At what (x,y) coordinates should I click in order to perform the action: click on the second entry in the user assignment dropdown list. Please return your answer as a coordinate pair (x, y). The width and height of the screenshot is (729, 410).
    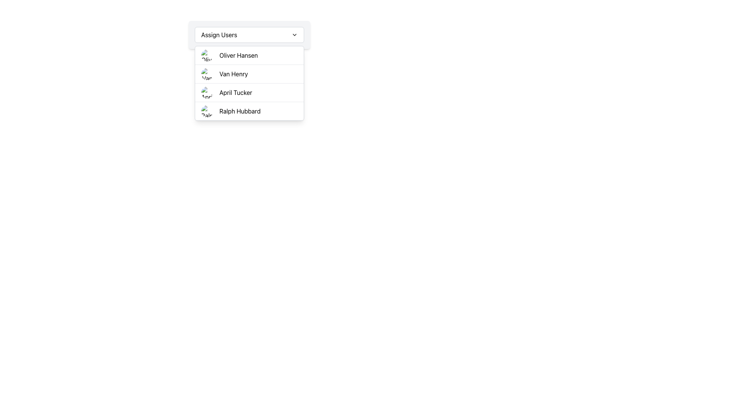
    Looking at the image, I should click on (233, 74).